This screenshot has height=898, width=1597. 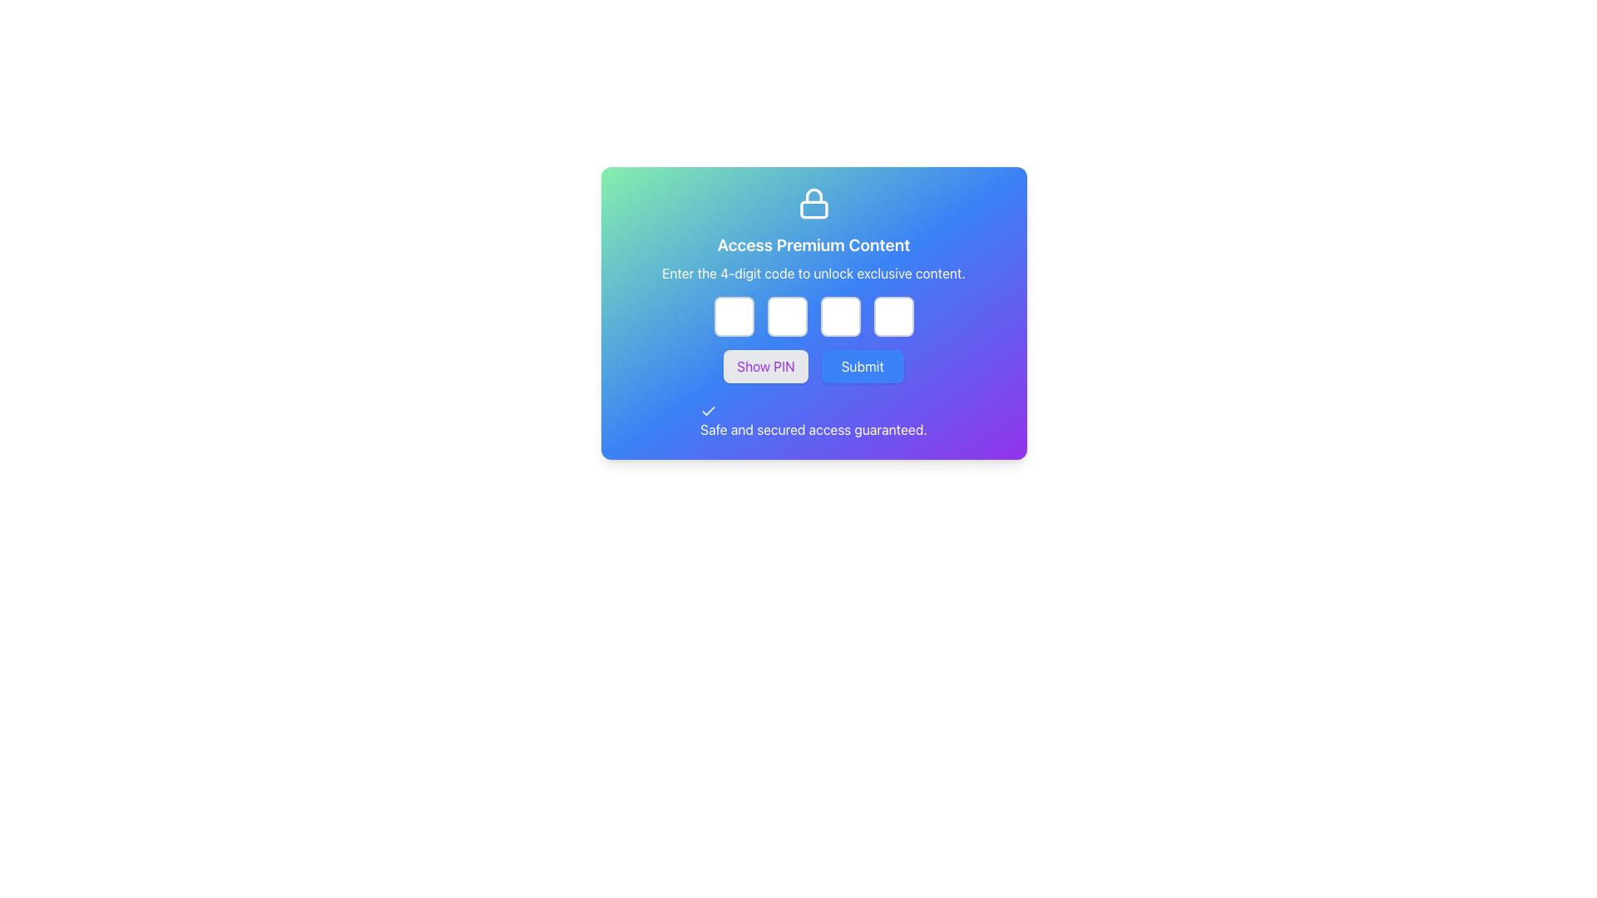 I want to click on the Submit button located in the Button Group, which is directly below the PIN entry boxes, so click(x=813, y=365).